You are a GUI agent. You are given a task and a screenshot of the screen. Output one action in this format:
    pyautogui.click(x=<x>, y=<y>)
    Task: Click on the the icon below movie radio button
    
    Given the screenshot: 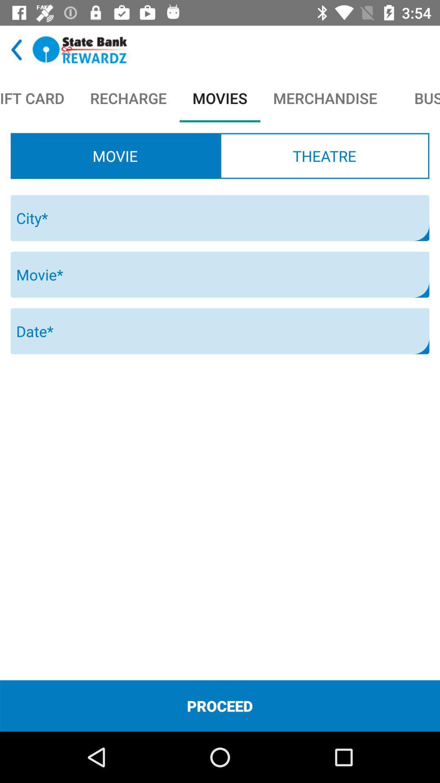 What is the action you would take?
    pyautogui.click(x=220, y=218)
    